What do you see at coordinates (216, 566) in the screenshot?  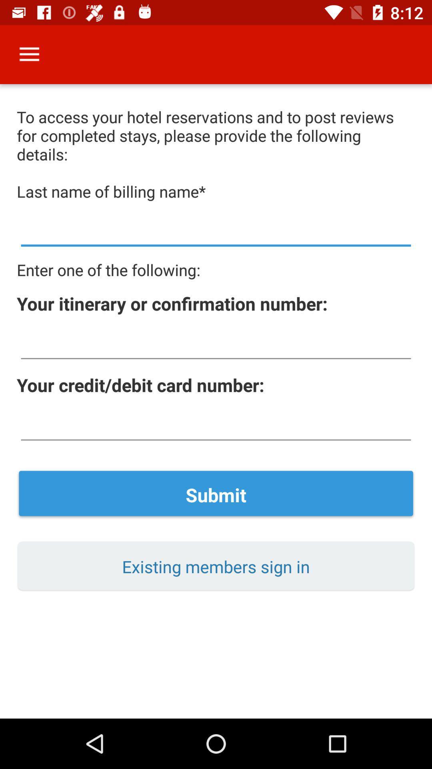 I see `the existing members sign` at bounding box center [216, 566].